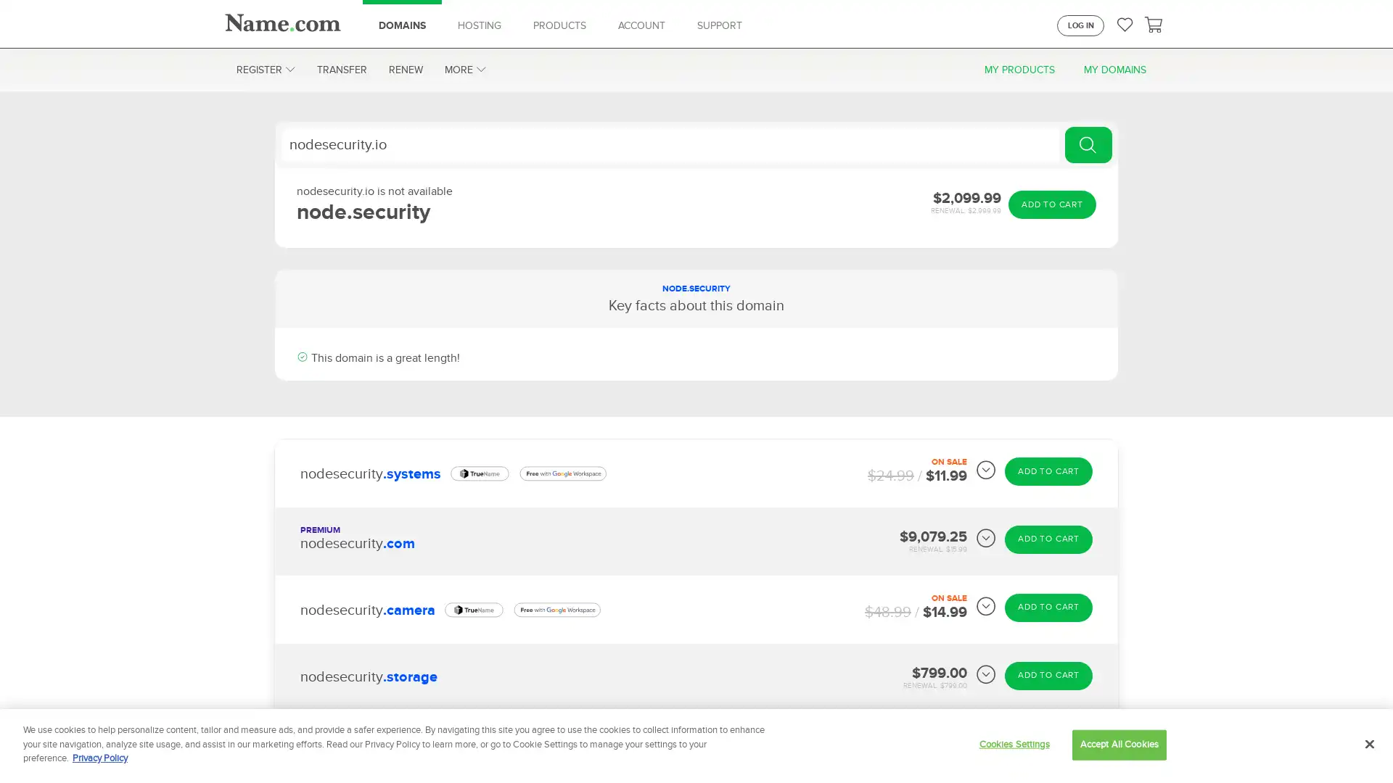 This screenshot has height=783, width=1393. I want to click on ADD TO CART, so click(1048, 607).